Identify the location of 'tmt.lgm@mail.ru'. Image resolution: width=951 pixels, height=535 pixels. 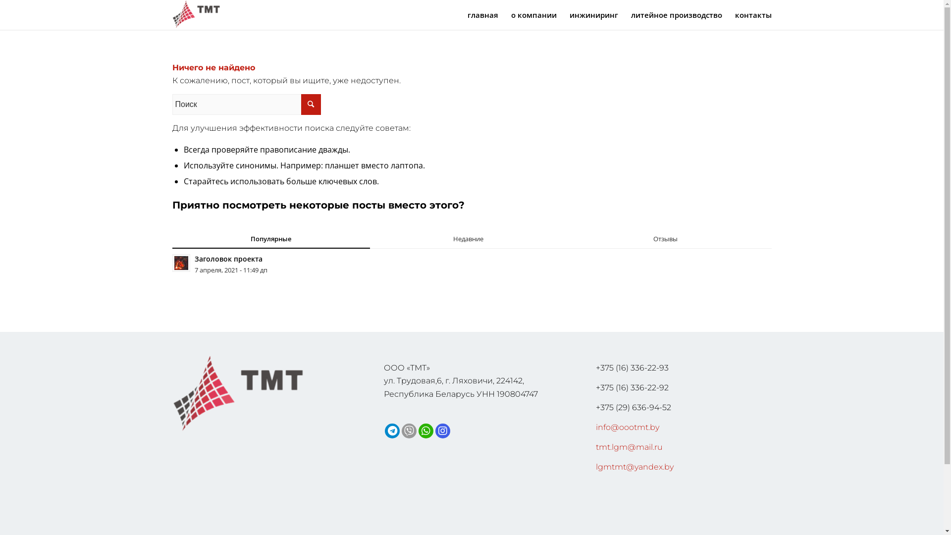
(629, 447).